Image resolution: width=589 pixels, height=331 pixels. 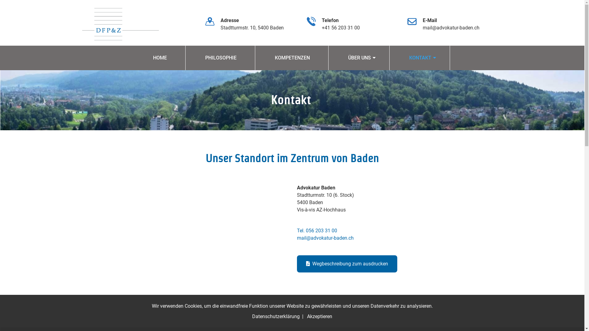 I want to click on 'PHILOSOPHIE', so click(x=221, y=58).